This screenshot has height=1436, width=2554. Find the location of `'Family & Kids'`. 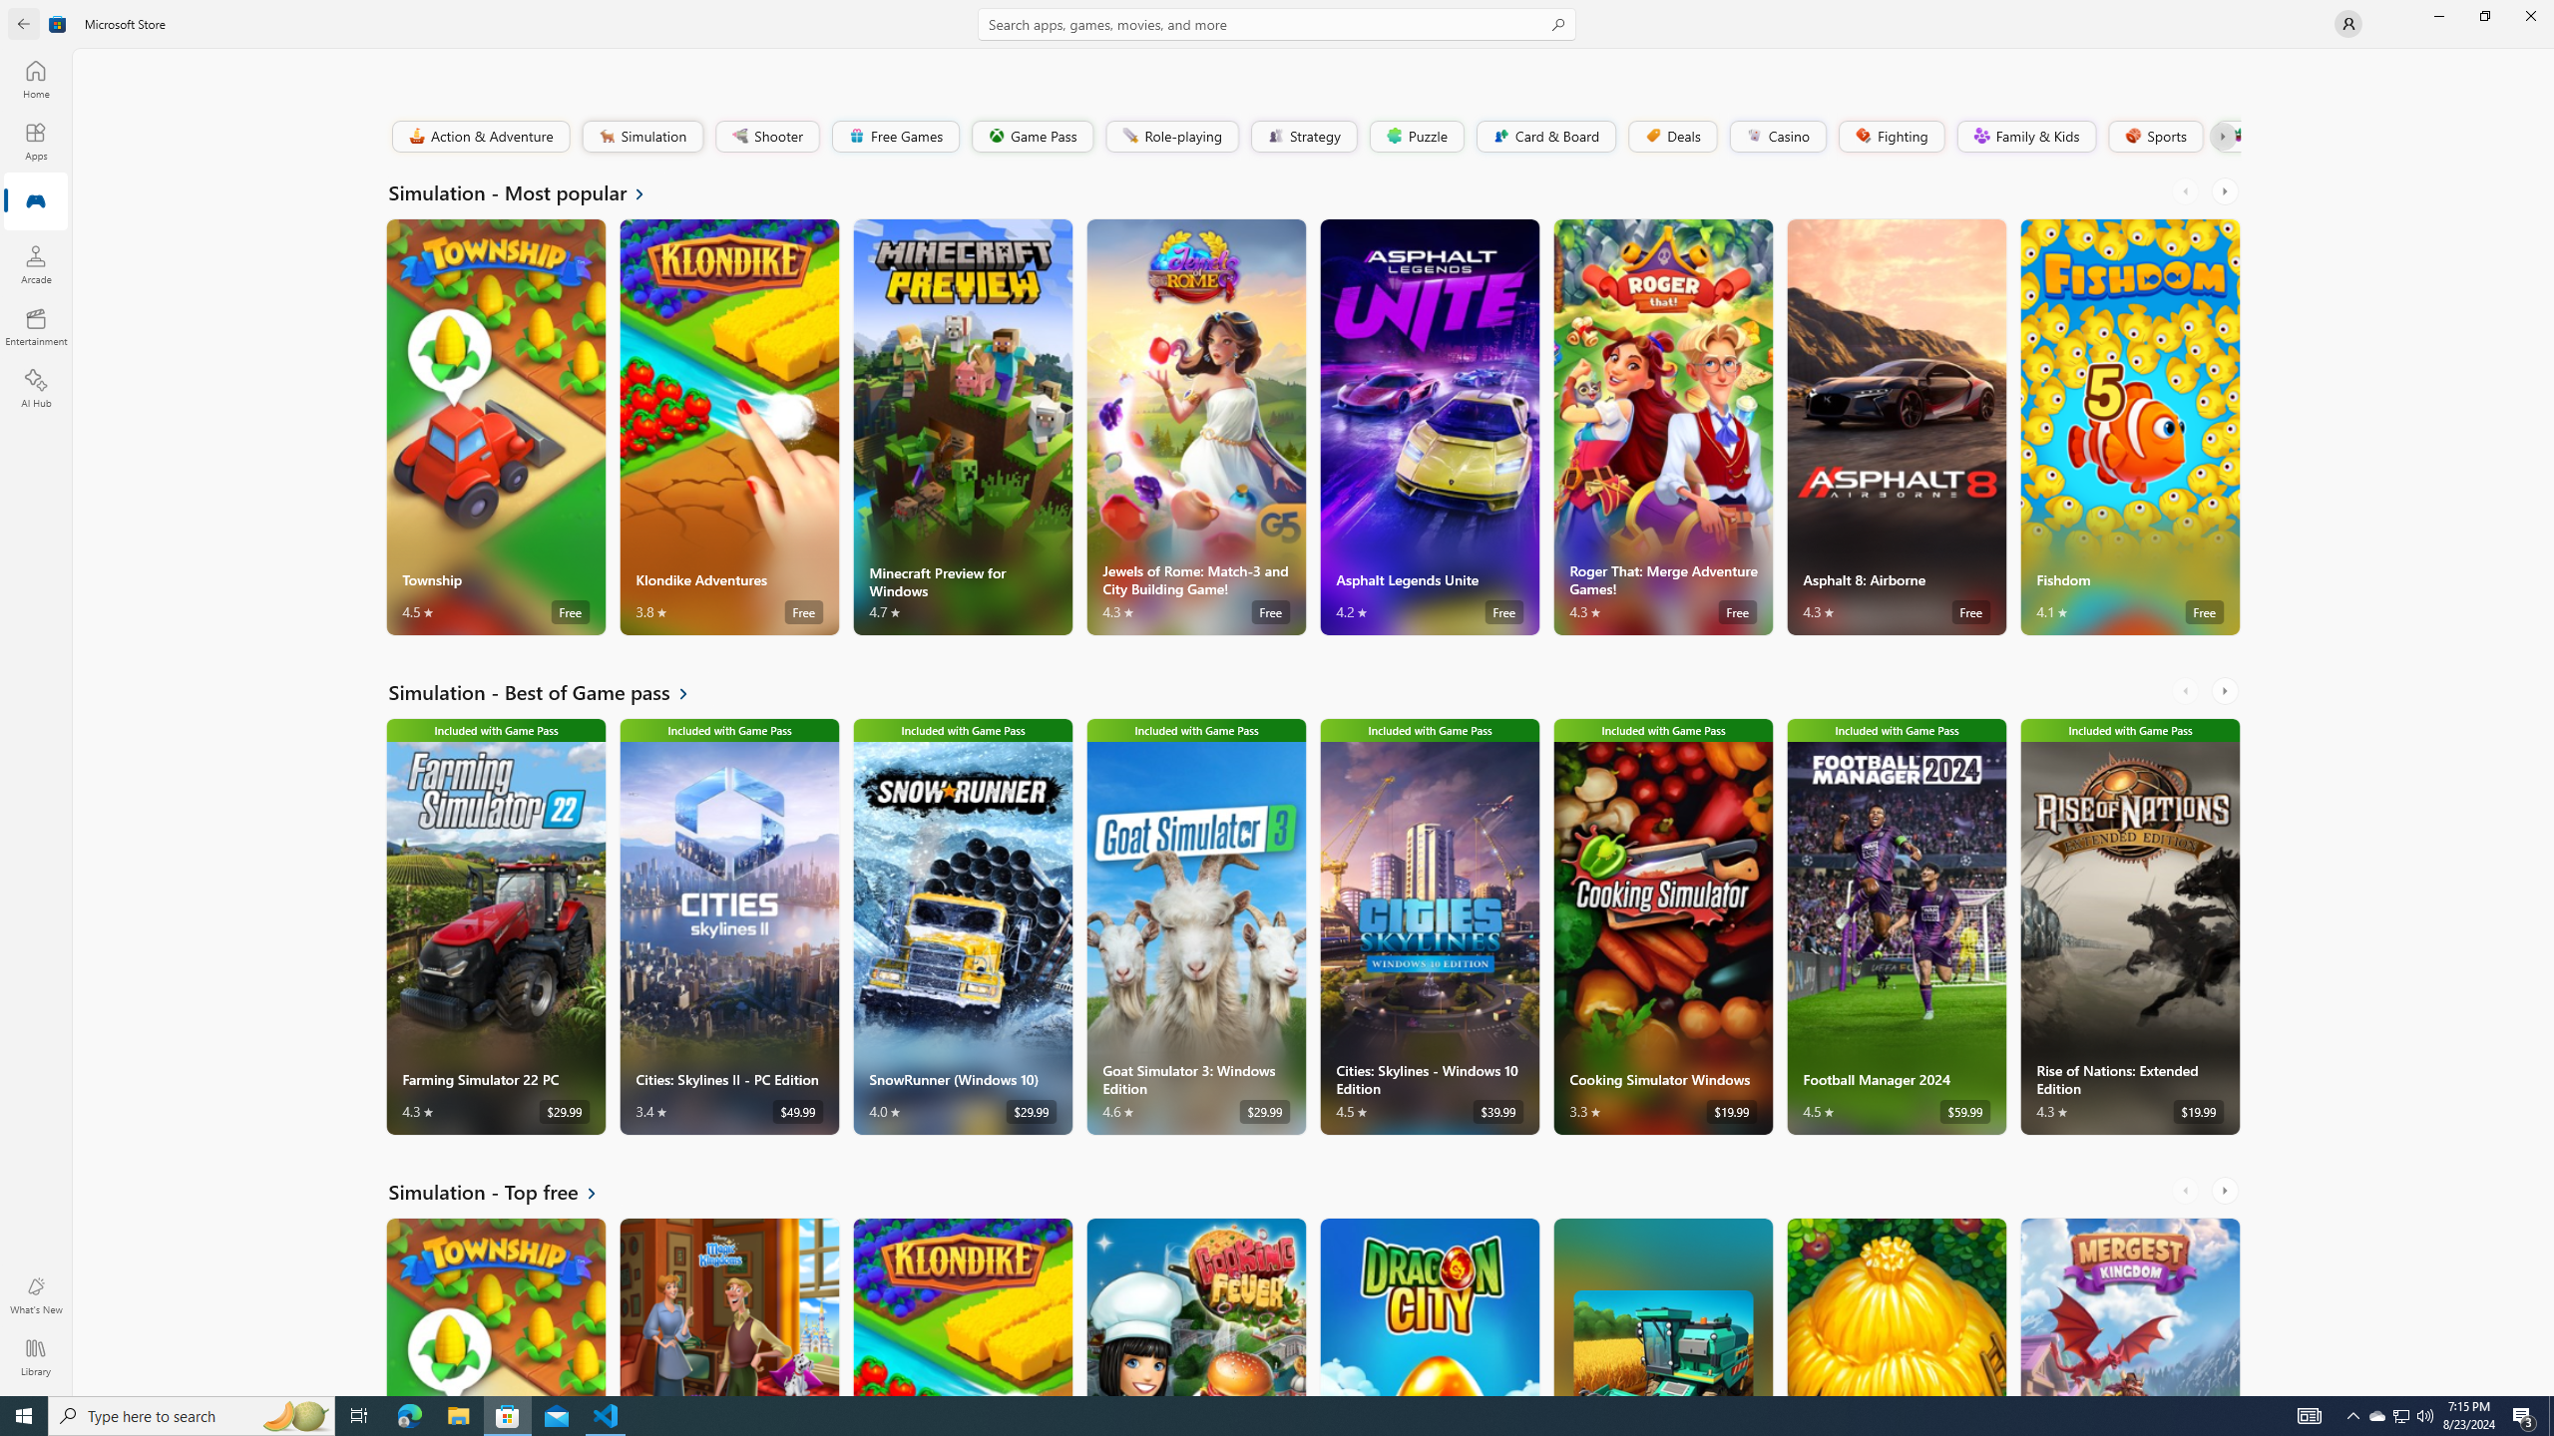

'Family & Kids' is located at coordinates (2025, 135).